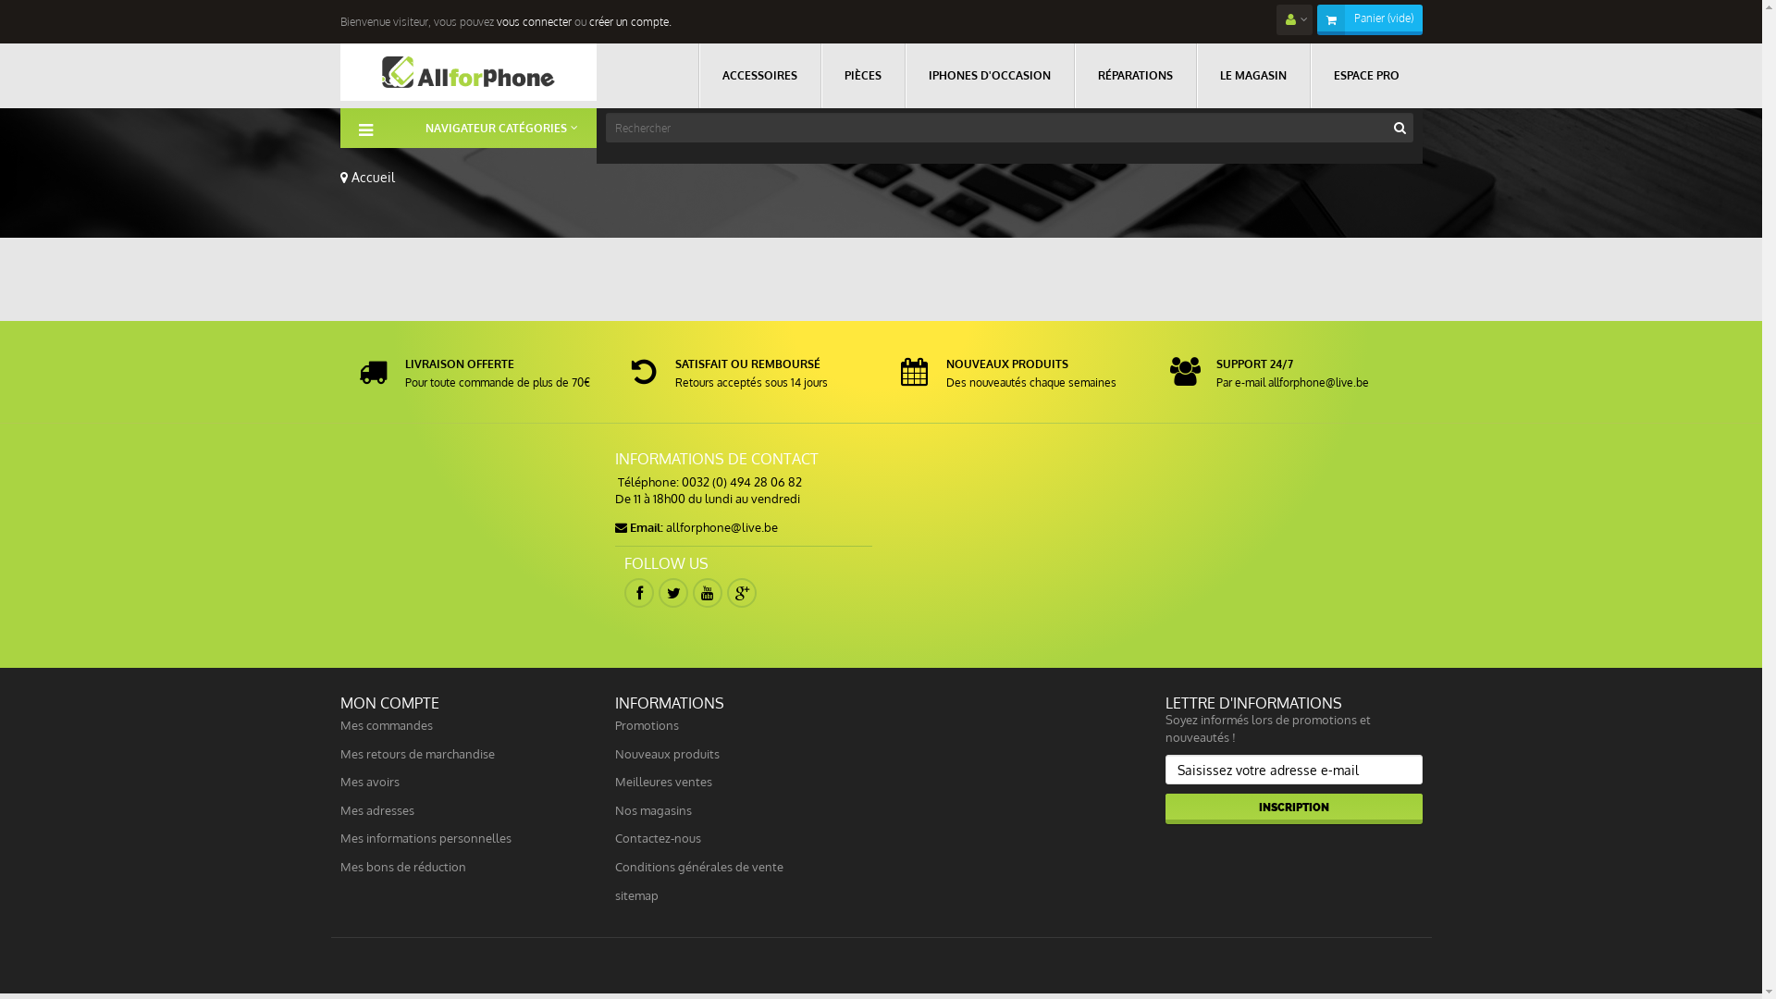 The image size is (1776, 999). Describe the element at coordinates (1309, 74) in the screenshot. I see `'ESPACE PRO'` at that location.